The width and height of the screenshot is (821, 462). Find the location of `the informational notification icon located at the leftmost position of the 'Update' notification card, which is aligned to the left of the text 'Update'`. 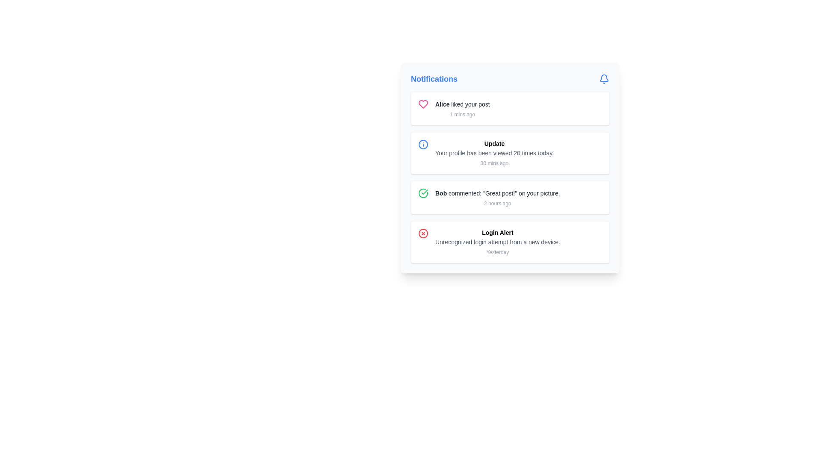

the informational notification icon located at the leftmost position of the 'Update' notification card, which is aligned to the left of the text 'Update' is located at coordinates (423, 144).